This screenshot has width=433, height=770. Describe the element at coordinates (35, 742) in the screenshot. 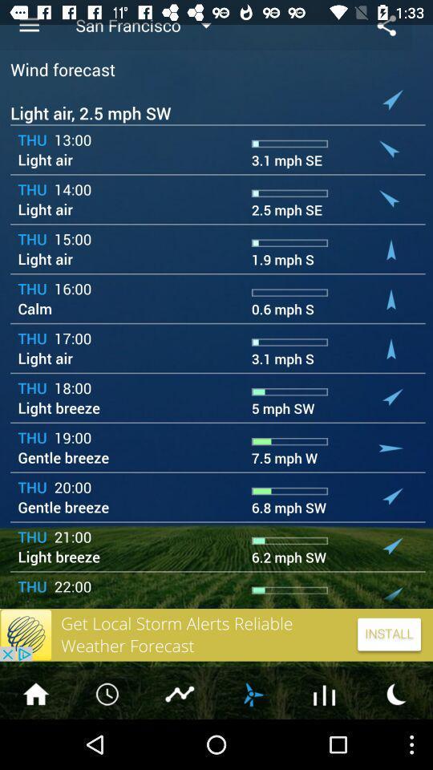

I see `the home icon` at that location.